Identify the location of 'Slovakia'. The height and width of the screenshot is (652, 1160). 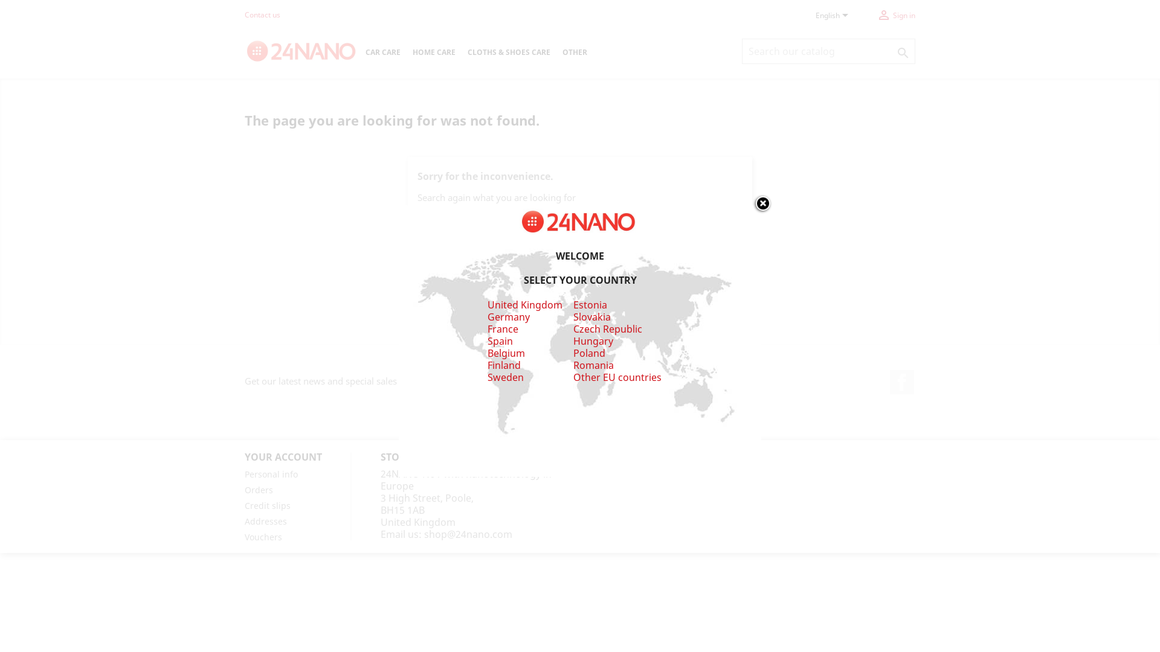
(591, 322).